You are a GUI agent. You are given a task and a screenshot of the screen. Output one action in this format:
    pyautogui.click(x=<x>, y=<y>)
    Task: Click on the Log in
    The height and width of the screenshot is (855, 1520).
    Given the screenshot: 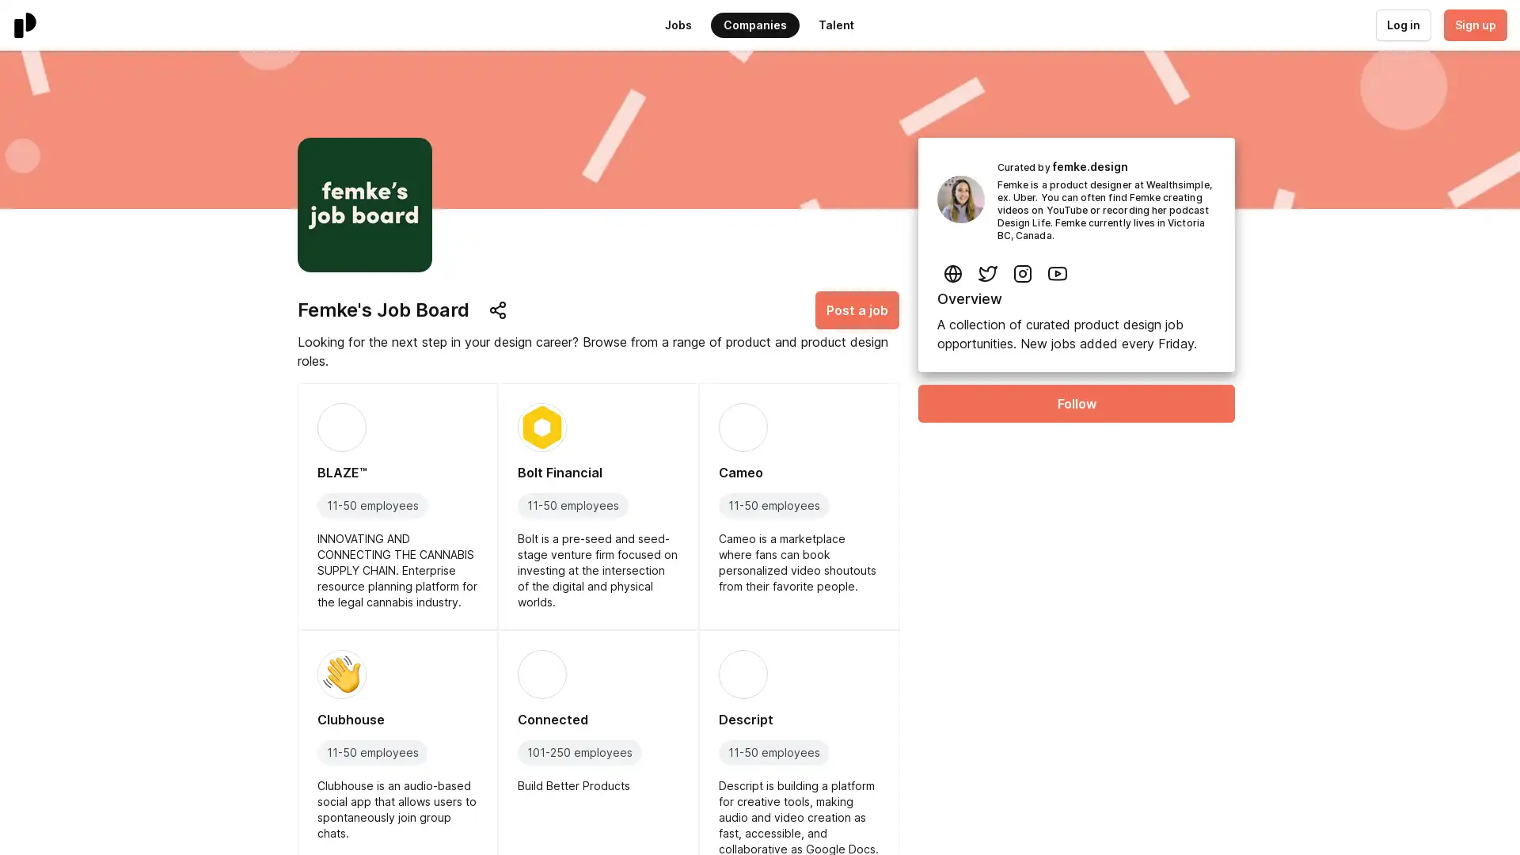 What is the action you would take?
    pyautogui.click(x=1402, y=25)
    